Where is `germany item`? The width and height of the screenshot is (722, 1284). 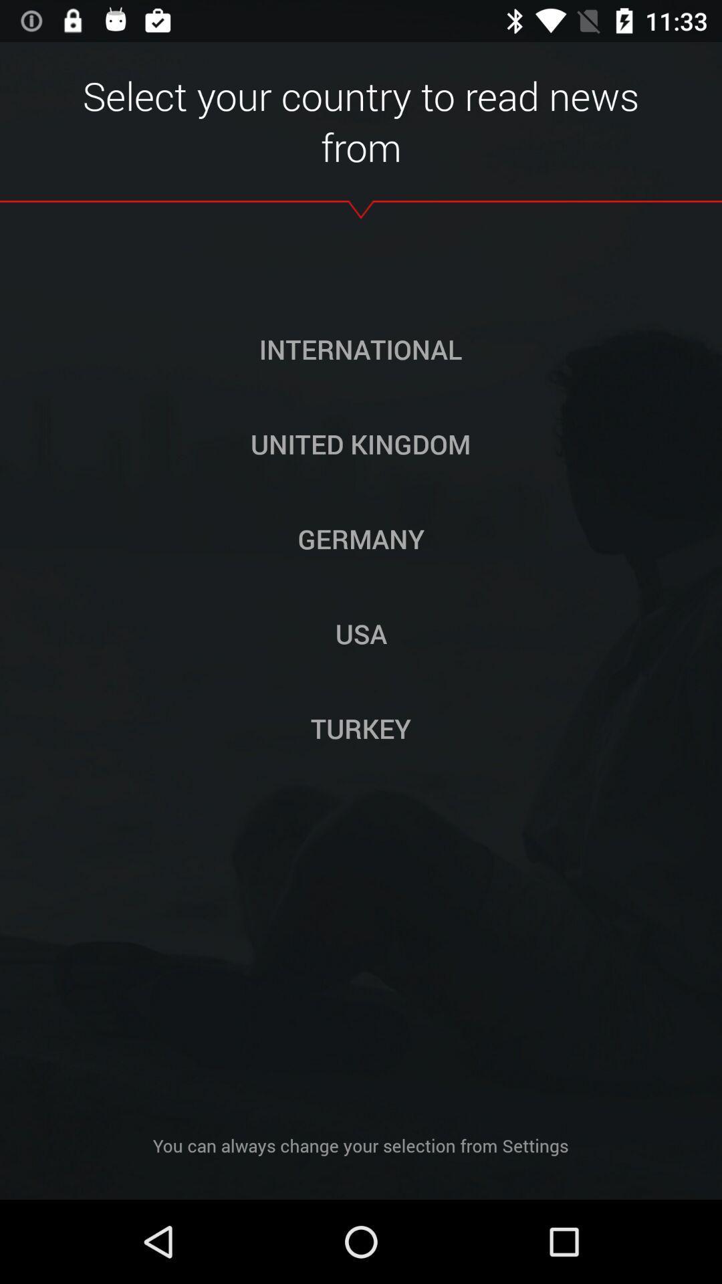
germany item is located at coordinates (361, 538).